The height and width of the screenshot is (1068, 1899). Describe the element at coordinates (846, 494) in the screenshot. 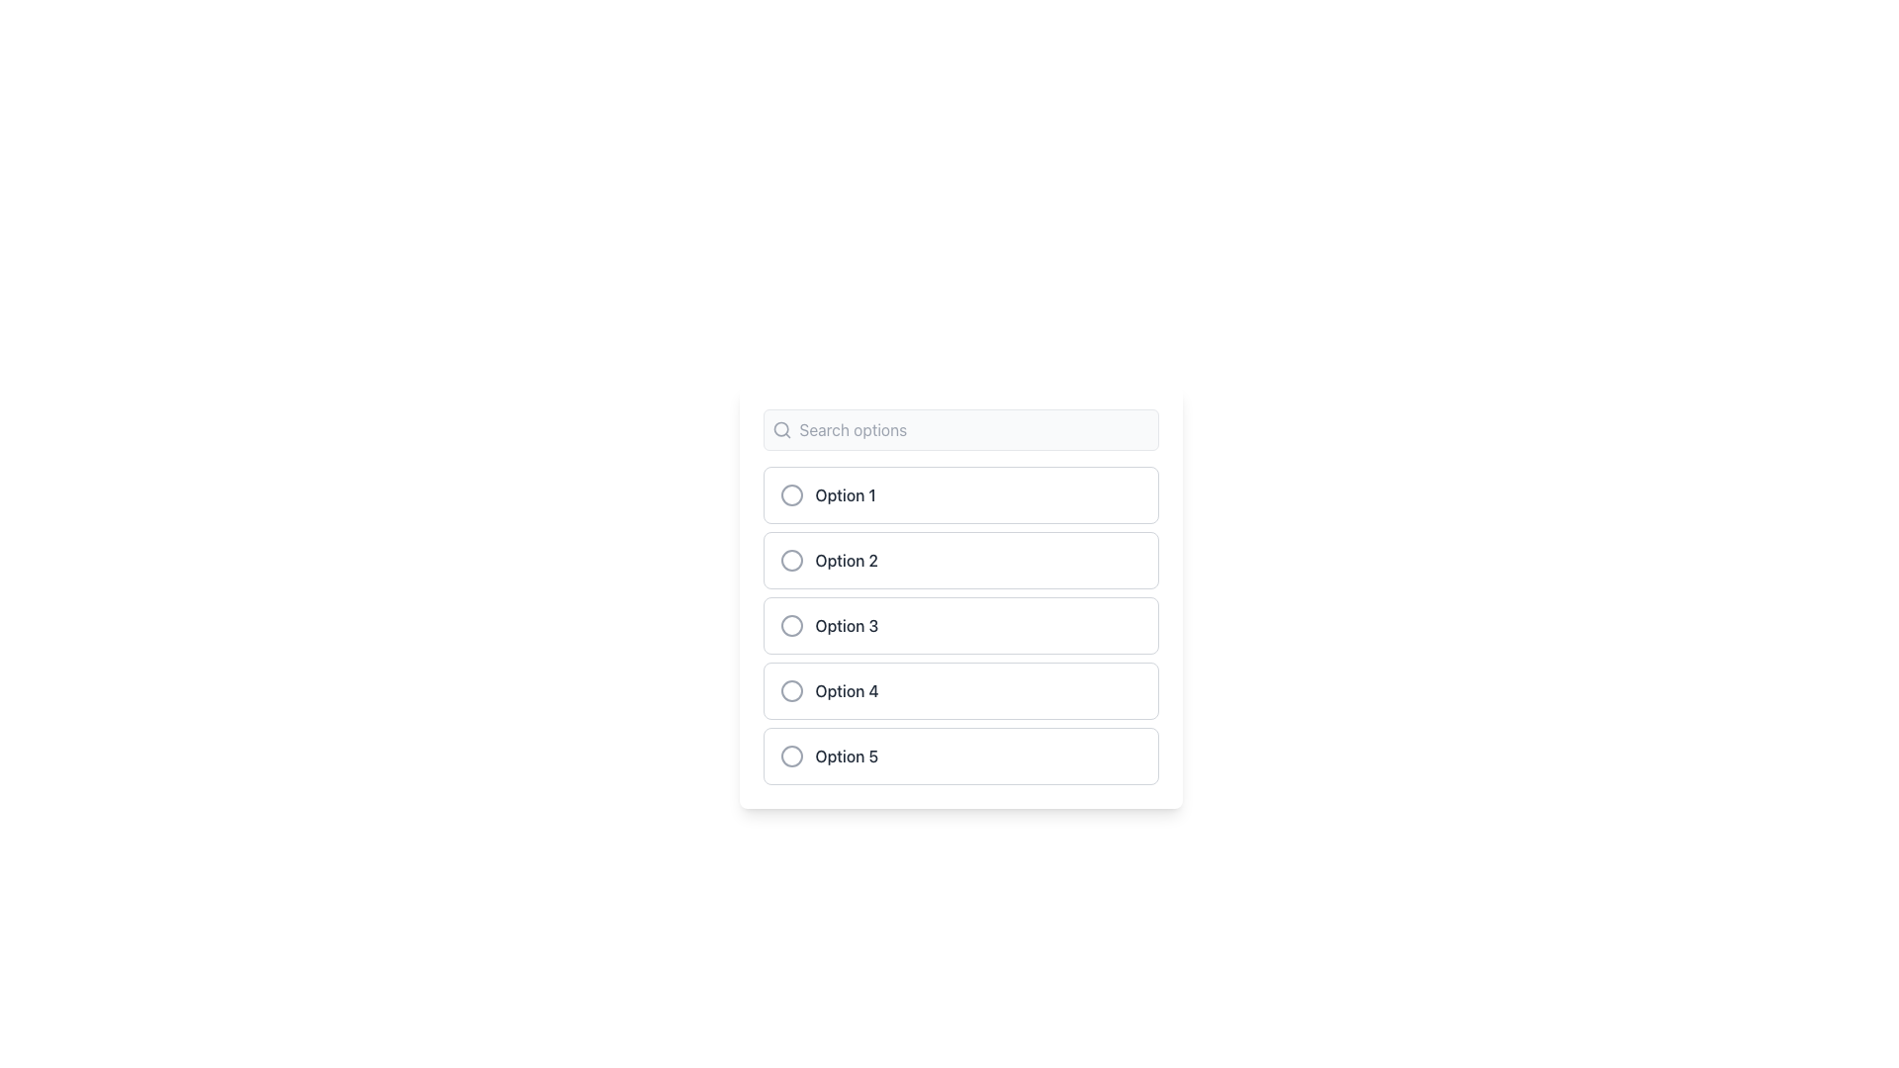

I see `text label displaying 'Option 1', which is styled with a medium font weight and gray color, located to the right of the associated circle in the first selectable option of a vertical list` at that location.